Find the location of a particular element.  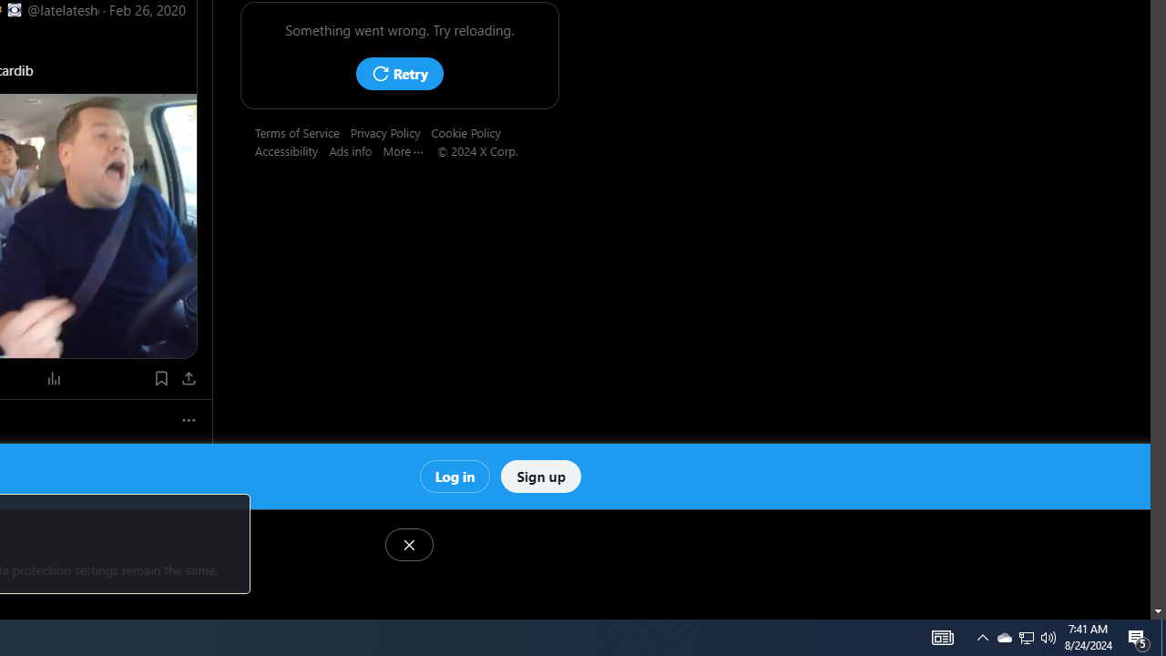

'Retry' is located at coordinates (398, 72).